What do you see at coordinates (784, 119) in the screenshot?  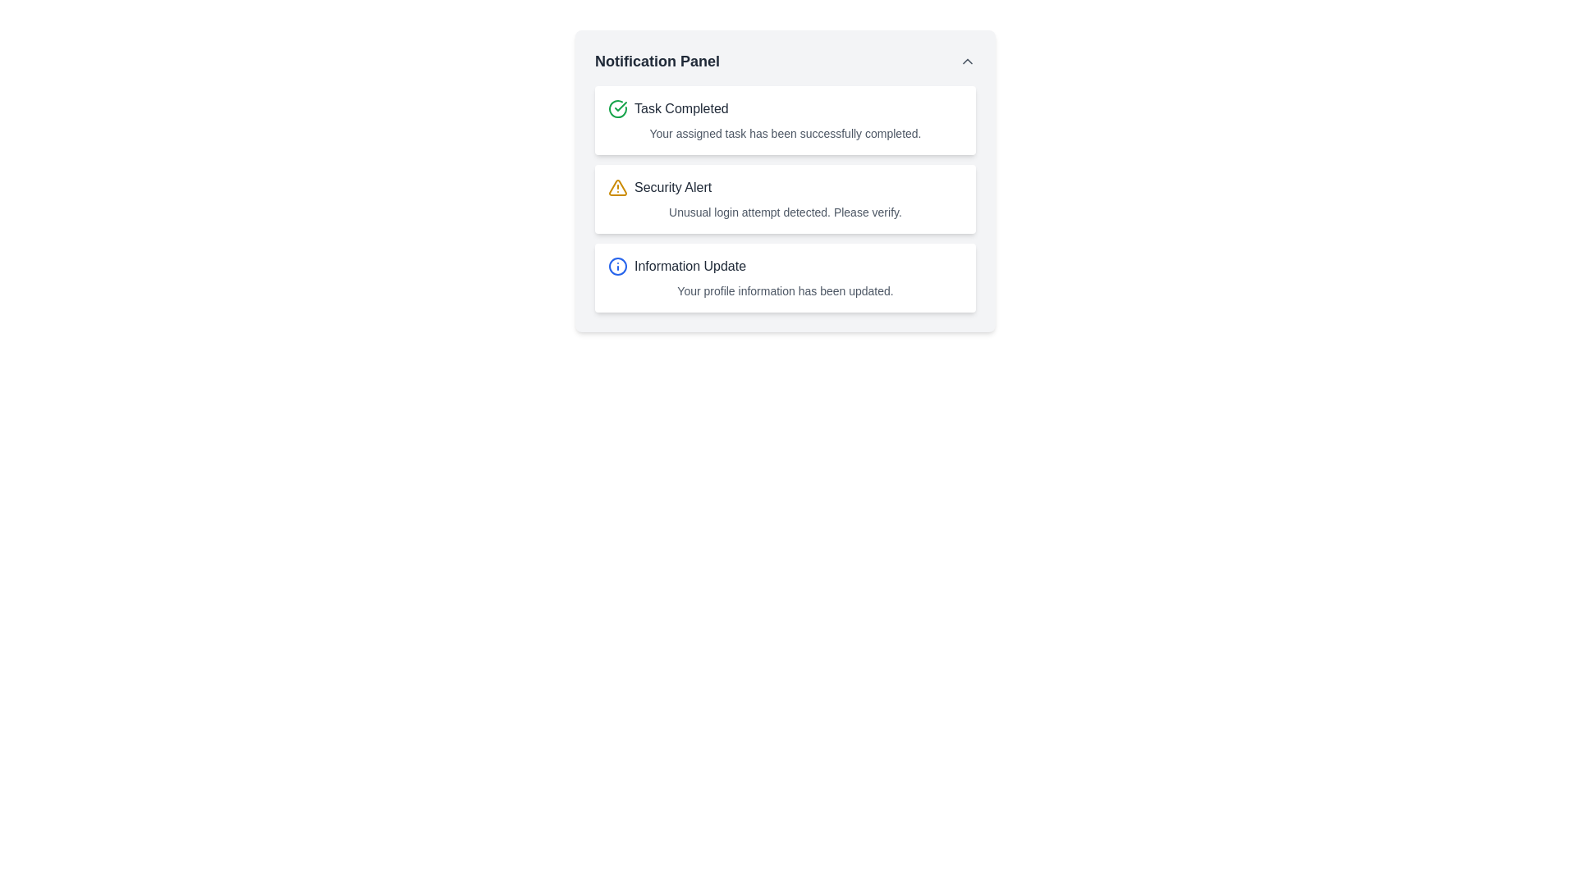 I see `message from the Notification card that displays 'Task Completed' and 'Your assigned task has been successfully completed.' This card is the first in the Notification Panel and has a white background with rounded corners` at bounding box center [784, 119].